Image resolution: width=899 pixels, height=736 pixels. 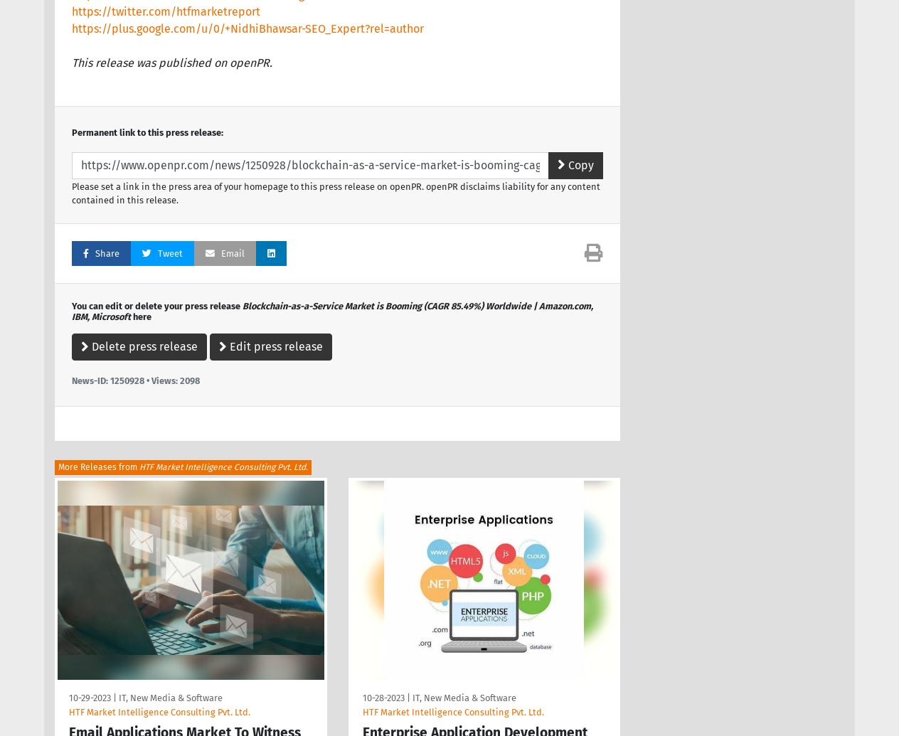 I want to click on 'You can edit or delete your press release', so click(x=156, y=305).